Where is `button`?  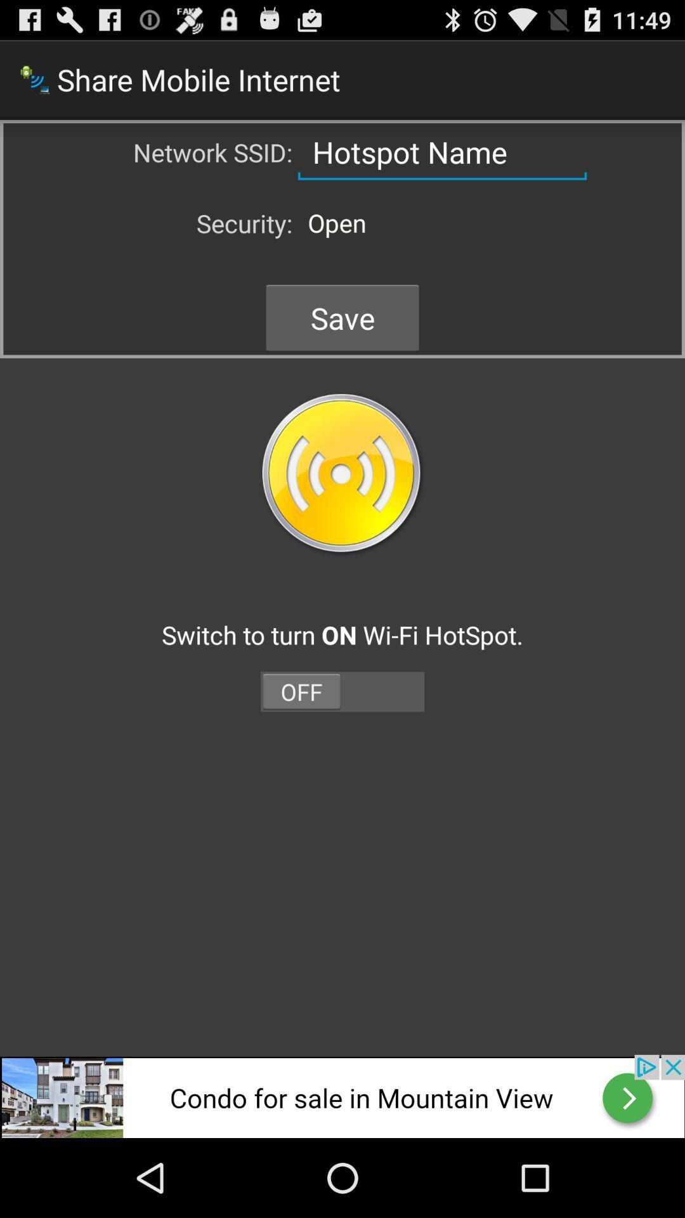 button is located at coordinates (342, 474).